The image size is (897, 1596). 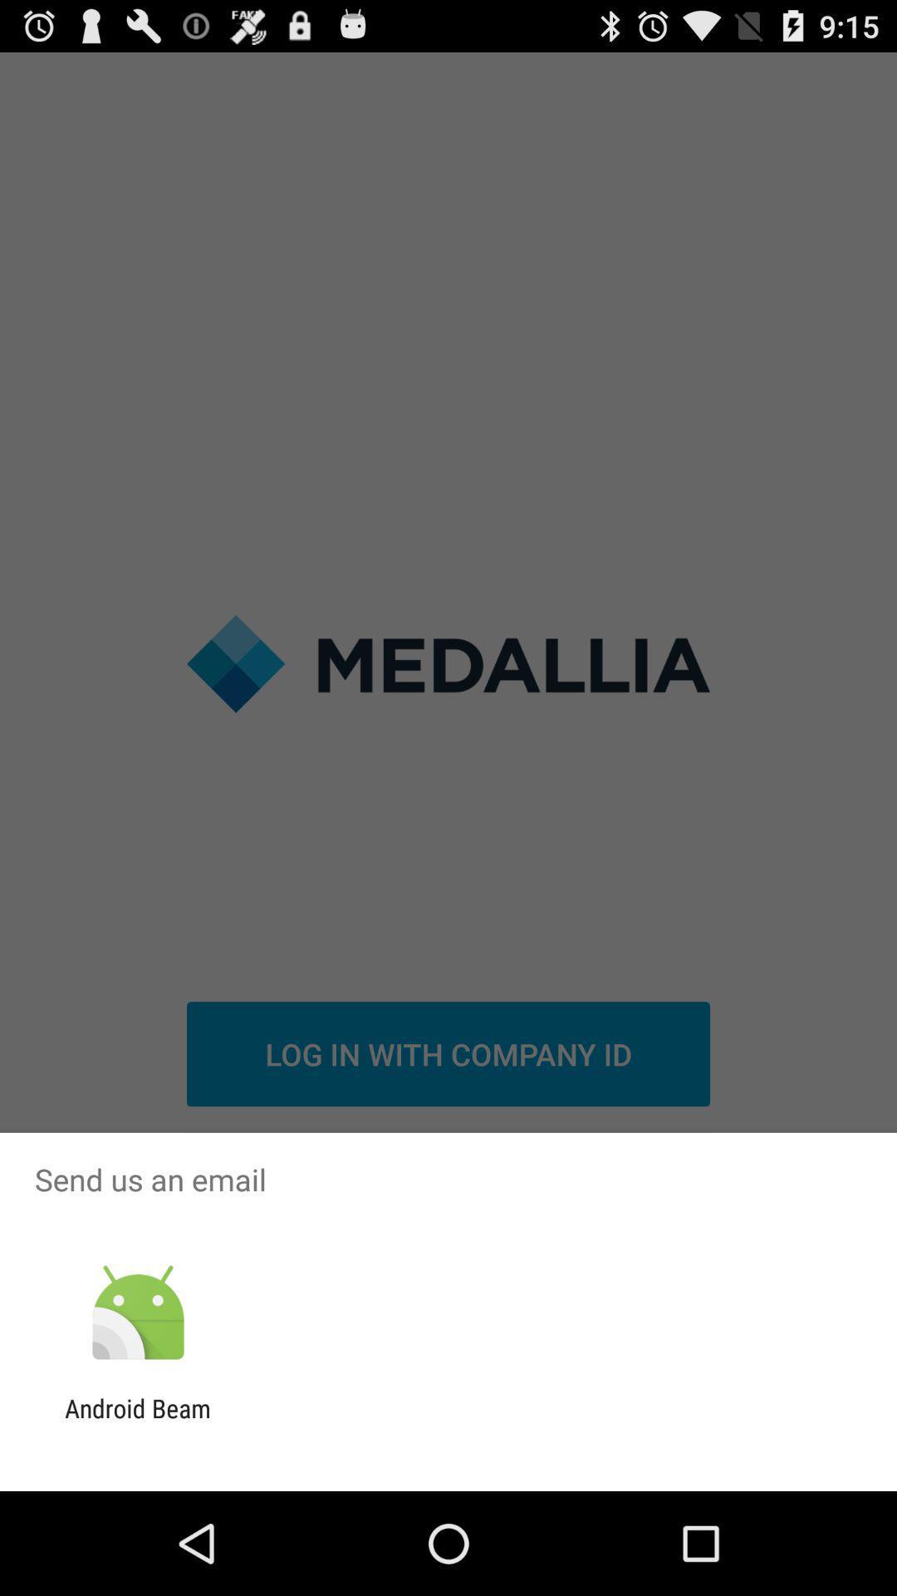 What do you see at coordinates (137, 1313) in the screenshot?
I see `the icon below the send us an` at bounding box center [137, 1313].